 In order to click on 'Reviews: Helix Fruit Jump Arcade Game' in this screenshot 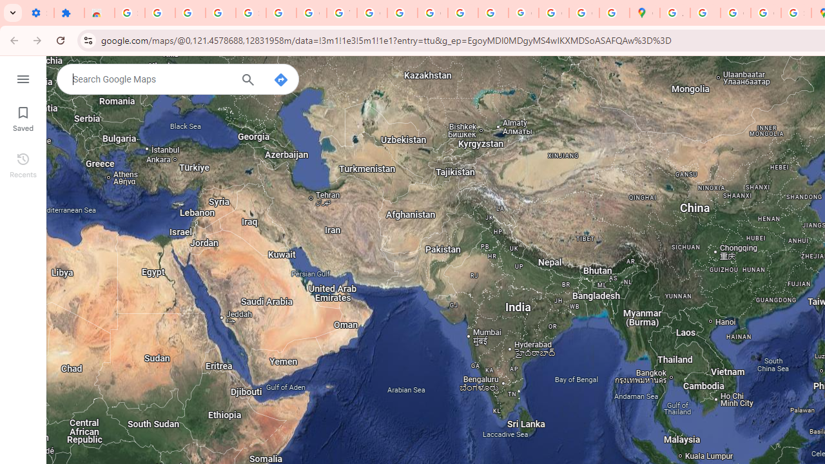, I will do `click(99, 13)`.